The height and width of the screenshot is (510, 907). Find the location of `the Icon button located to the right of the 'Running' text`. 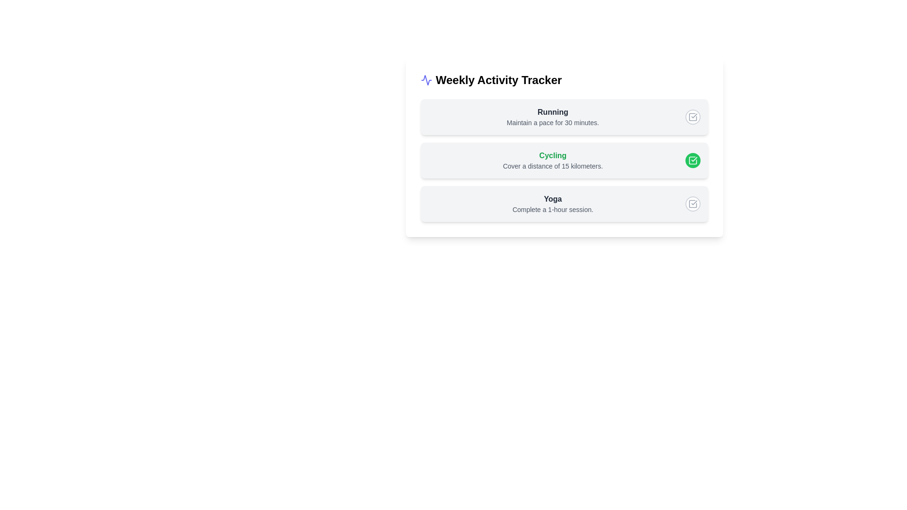

the Icon button located to the right of the 'Running' text is located at coordinates (693, 116).